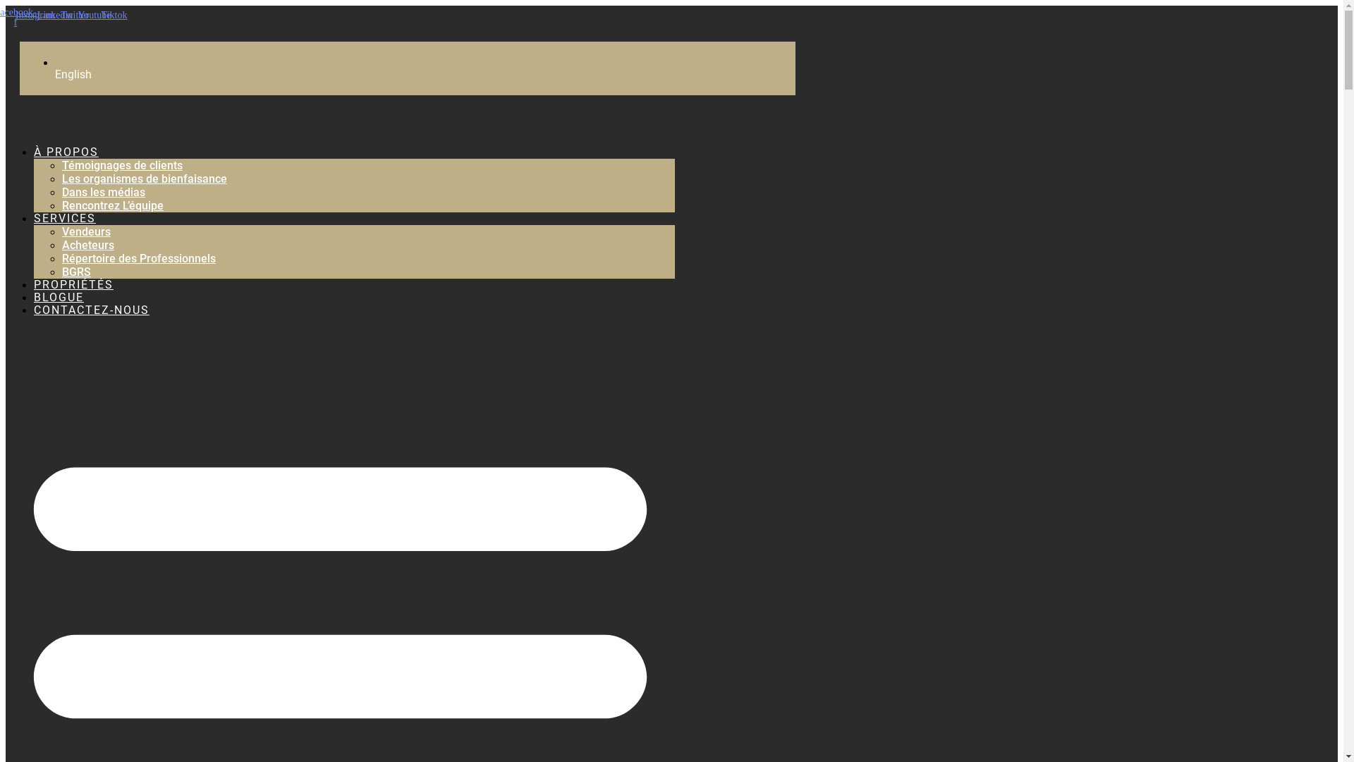 This screenshot has height=762, width=1354. Describe the element at coordinates (145, 178) in the screenshot. I see `'Les organismes de bienfaisance'` at that location.